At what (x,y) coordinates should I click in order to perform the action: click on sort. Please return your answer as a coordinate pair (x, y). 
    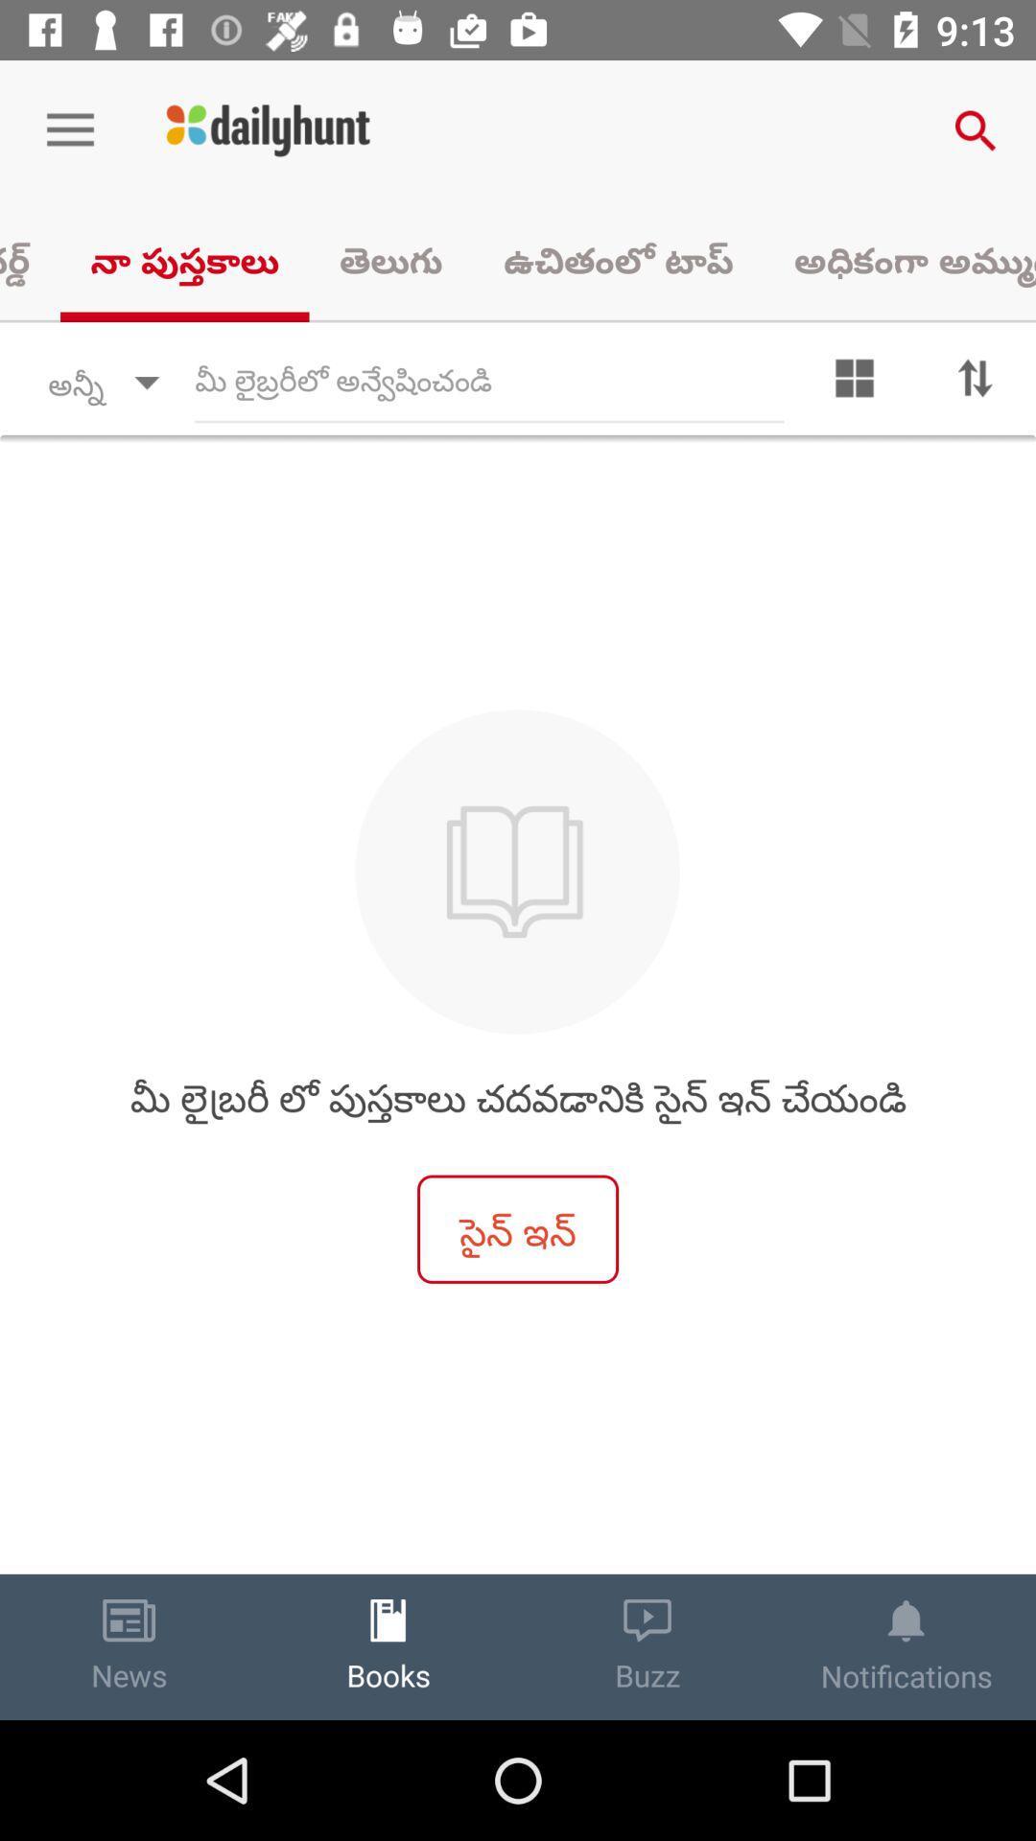
    Looking at the image, I should click on (976, 383).